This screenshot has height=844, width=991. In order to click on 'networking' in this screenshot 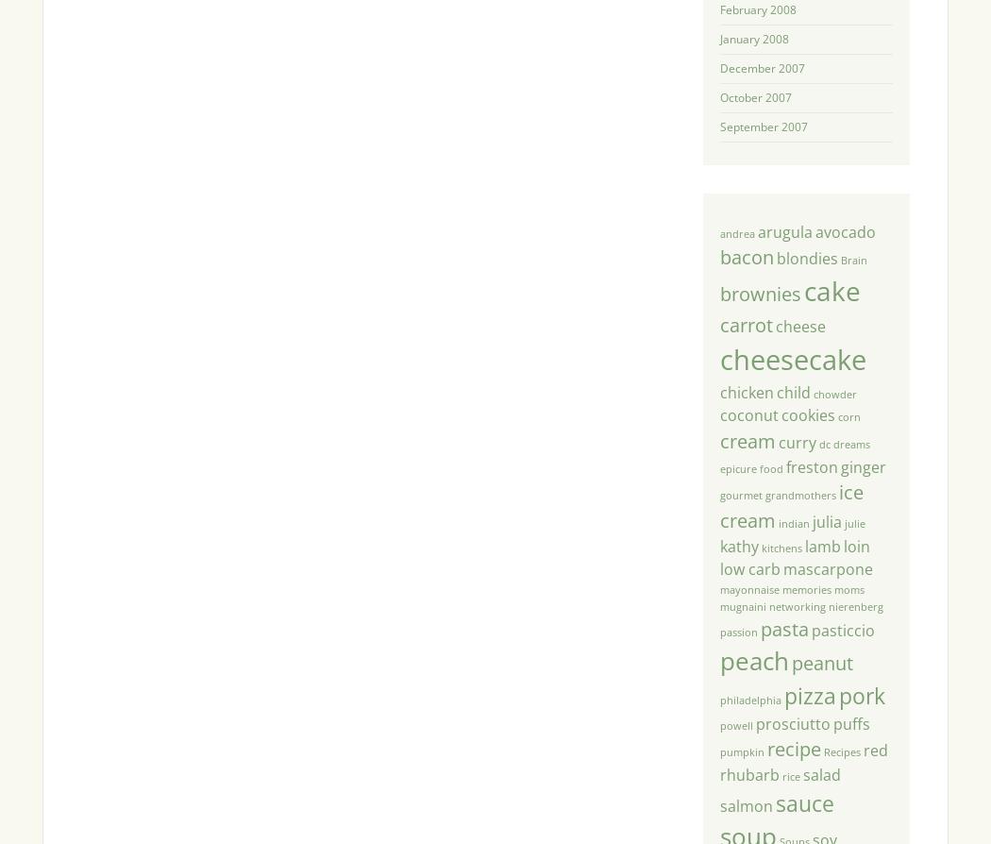, I will do `click(766, 605)`.